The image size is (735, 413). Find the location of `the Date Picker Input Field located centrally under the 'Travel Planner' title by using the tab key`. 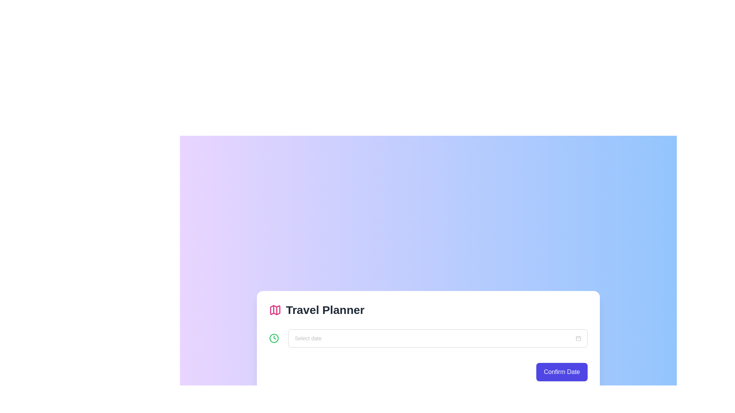

the Date Picker Input Field located centrally under the 'Travel Planner' title by using the tab key is located at coordinates (438, 338).